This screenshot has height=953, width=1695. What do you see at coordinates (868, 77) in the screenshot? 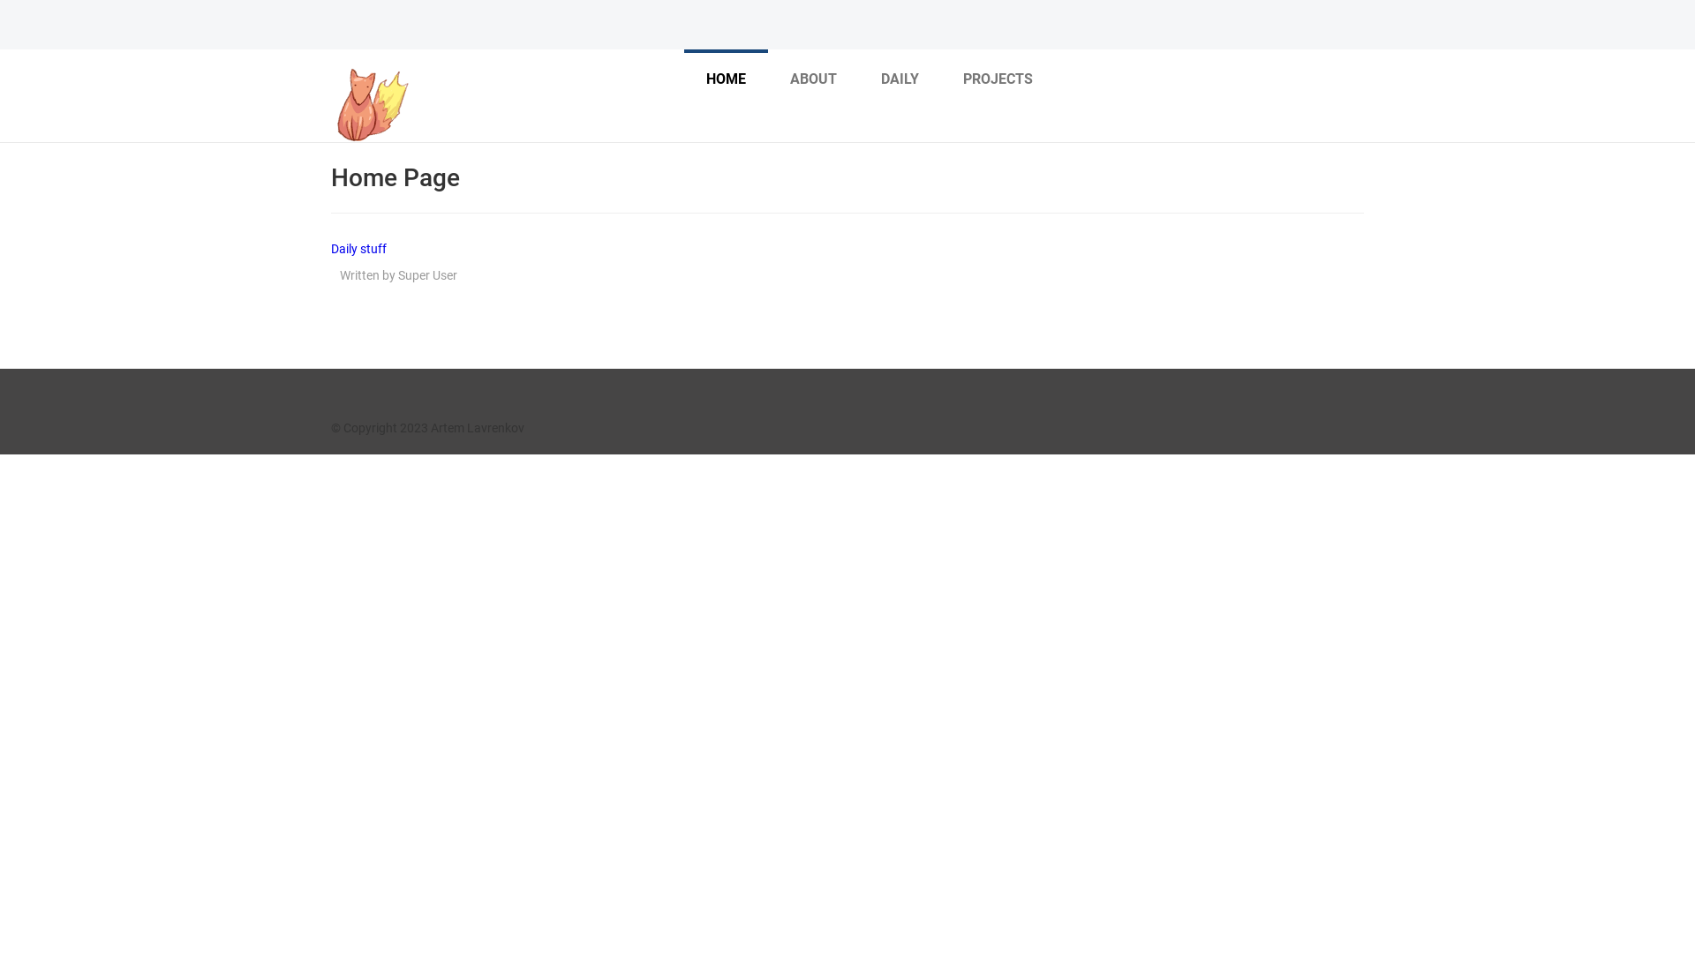
I see `'DAILY'` at bounding box center [868, 77].